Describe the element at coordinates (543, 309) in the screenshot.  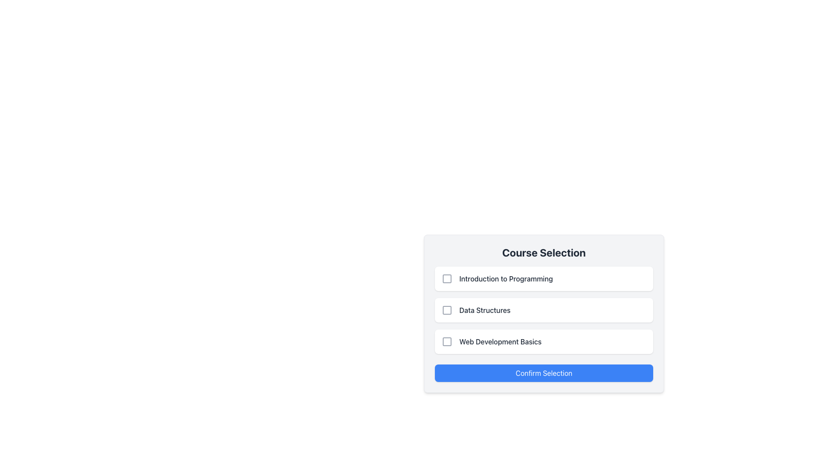
I see `the checkbox for 'Data Structures' to unselect the option in the vertical list of selectable items` at that location.